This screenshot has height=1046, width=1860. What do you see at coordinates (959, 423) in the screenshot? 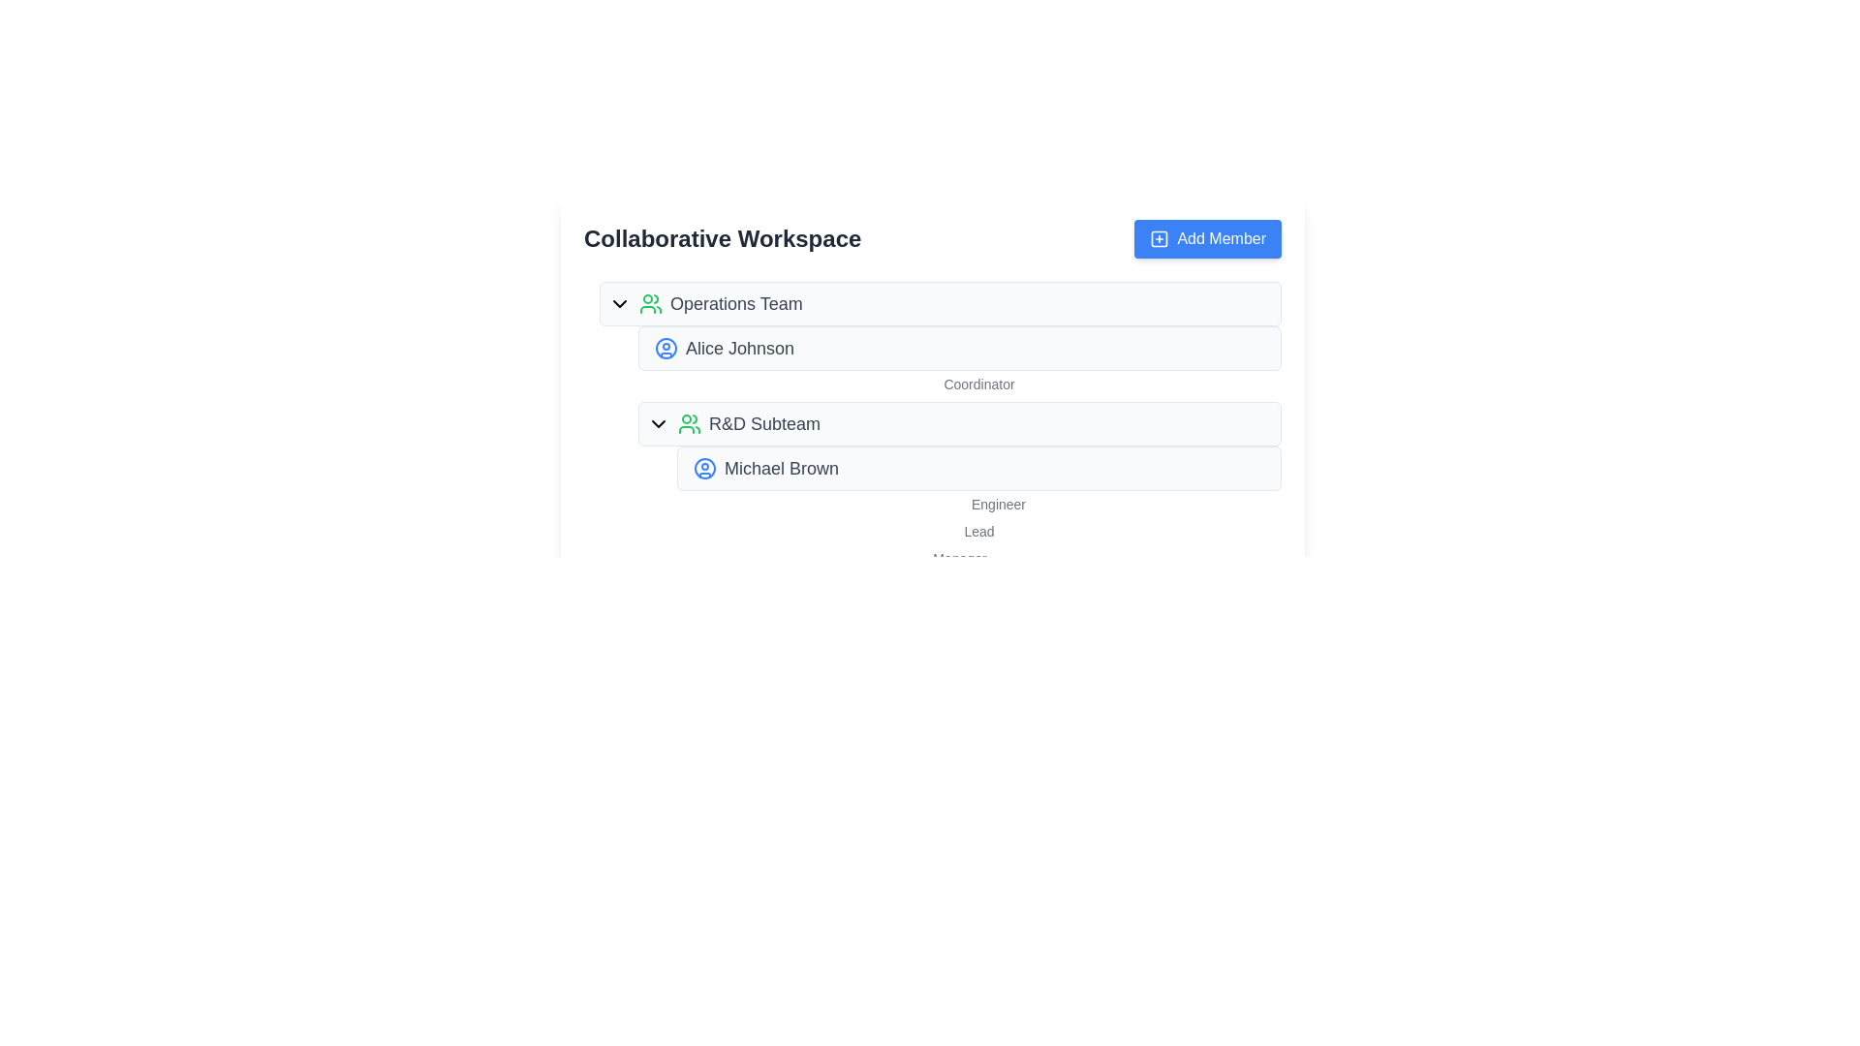
I see `the second entry in the collapsible list item labeled 'R&D Subteam' within the 'Collaborative Workspace' group using keyboard navigation` at bounding box center [959, 423].